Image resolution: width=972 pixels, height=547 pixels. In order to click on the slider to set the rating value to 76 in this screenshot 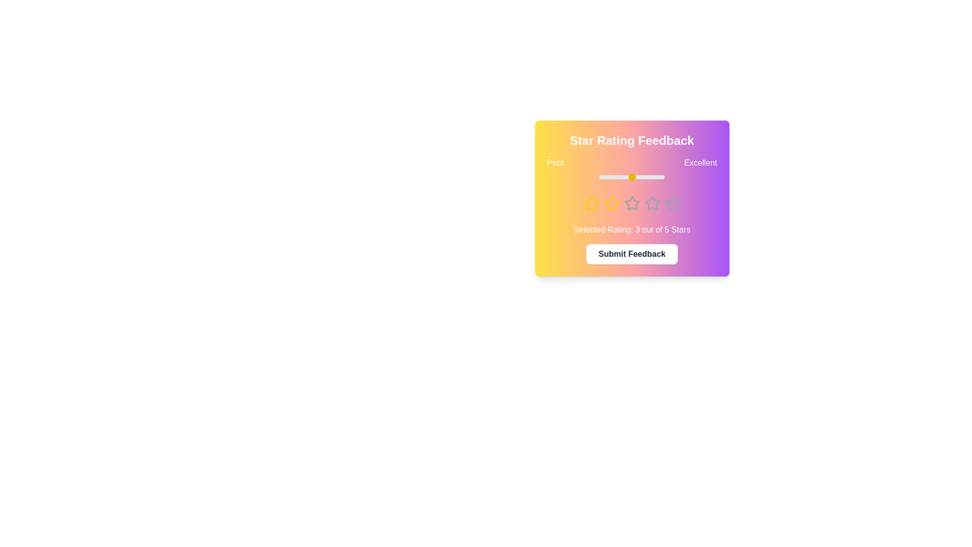, I will do `click(649, 177)`.